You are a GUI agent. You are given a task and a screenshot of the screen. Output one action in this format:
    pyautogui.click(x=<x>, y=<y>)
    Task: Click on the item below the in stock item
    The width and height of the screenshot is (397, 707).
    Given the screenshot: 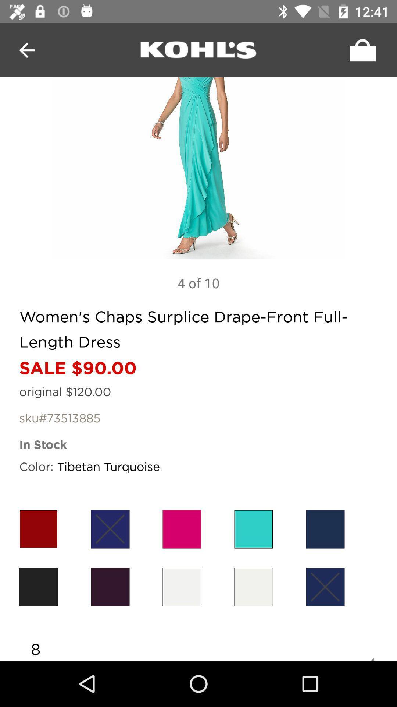 What is the action you would take?
    pyautogui.click(x=325, y=528)
    